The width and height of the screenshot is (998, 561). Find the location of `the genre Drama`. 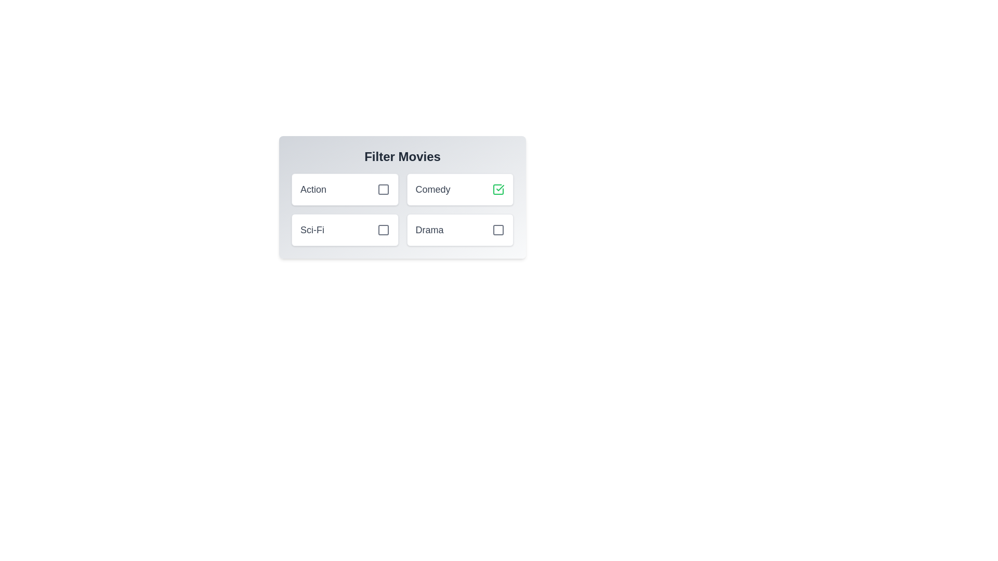

the genre Drama is located at coordinates (498, 230).